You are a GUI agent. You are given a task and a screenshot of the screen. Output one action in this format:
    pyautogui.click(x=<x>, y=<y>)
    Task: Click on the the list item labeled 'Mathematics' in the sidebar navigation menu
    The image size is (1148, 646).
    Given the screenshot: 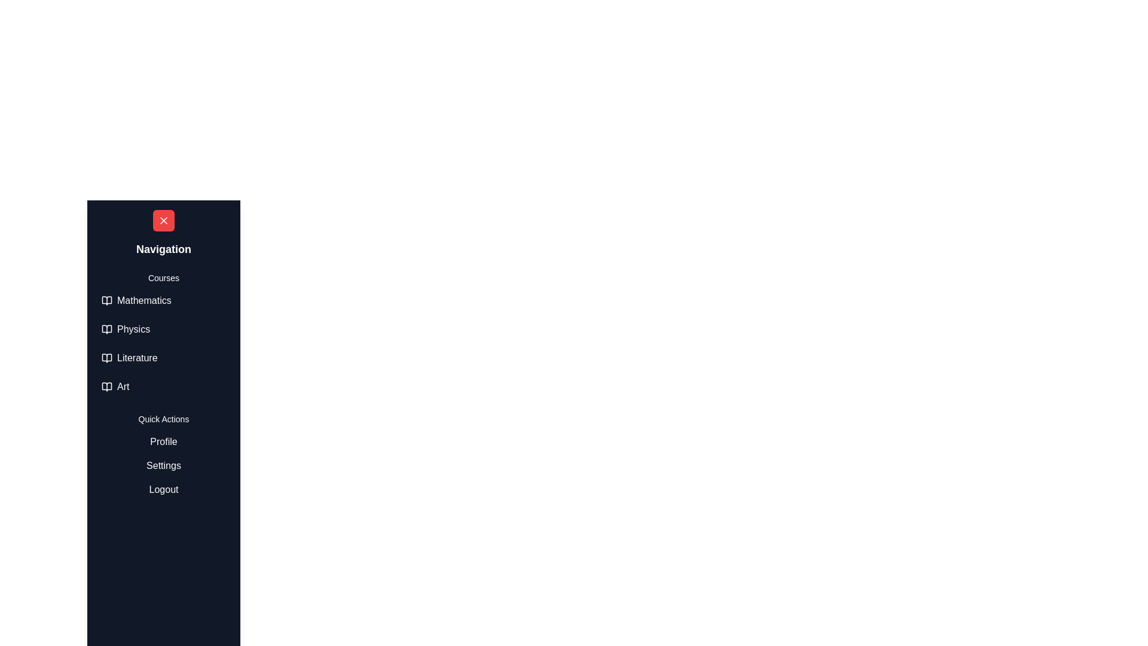 What is the action you would take?
    pyautogui.click(x=163, y=300)
    